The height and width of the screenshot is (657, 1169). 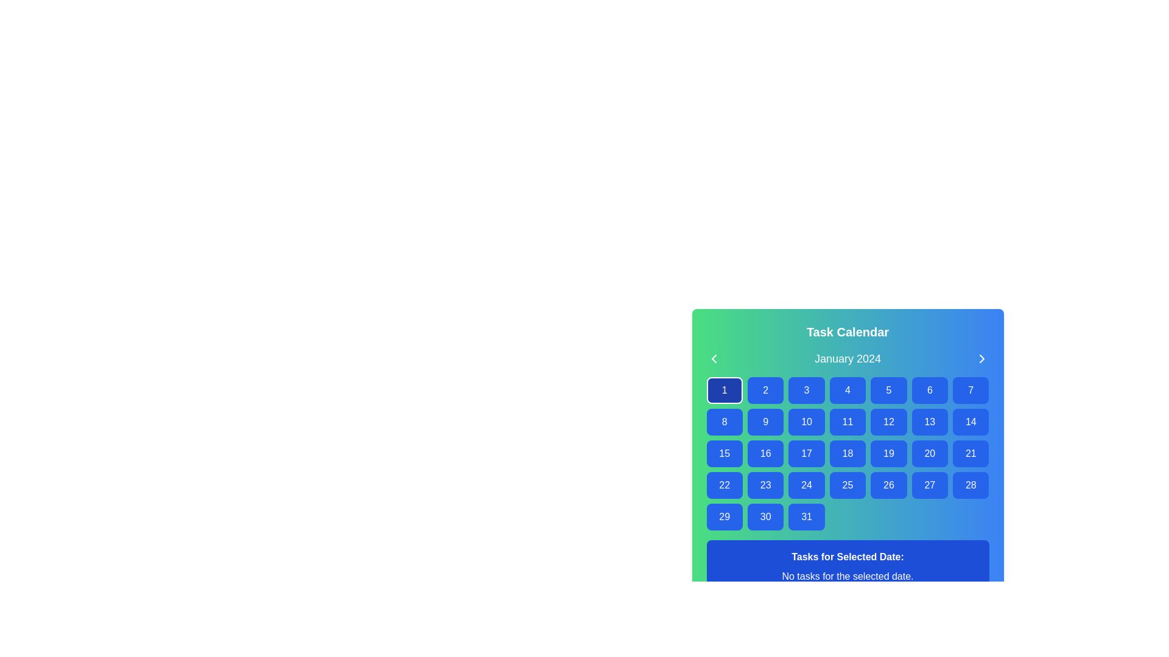 What do you see at coordinates (725, 485) in the screenshot?
I see `the calendar day item displaying the number '22' in the lower-left section of the 'Task Calendar'` at bounding box center [725, 485].